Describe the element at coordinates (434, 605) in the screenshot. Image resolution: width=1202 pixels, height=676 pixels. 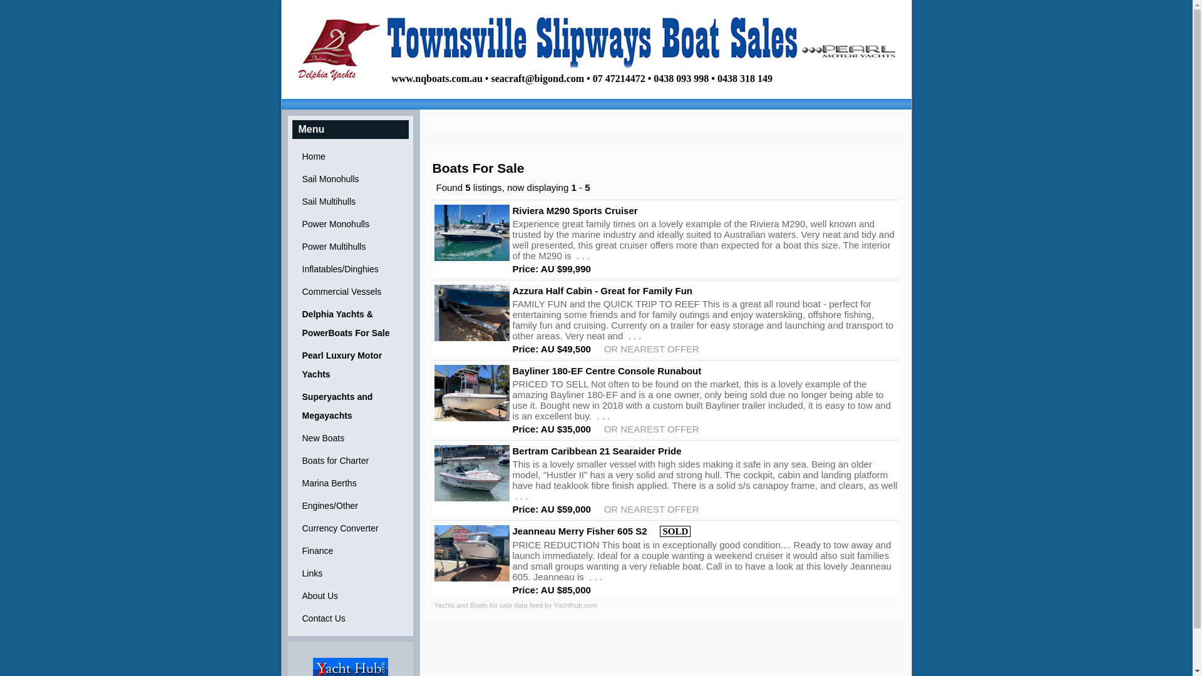
I see `'Yachts and Boats for sale data feed by Yachthub.com'` at that location.